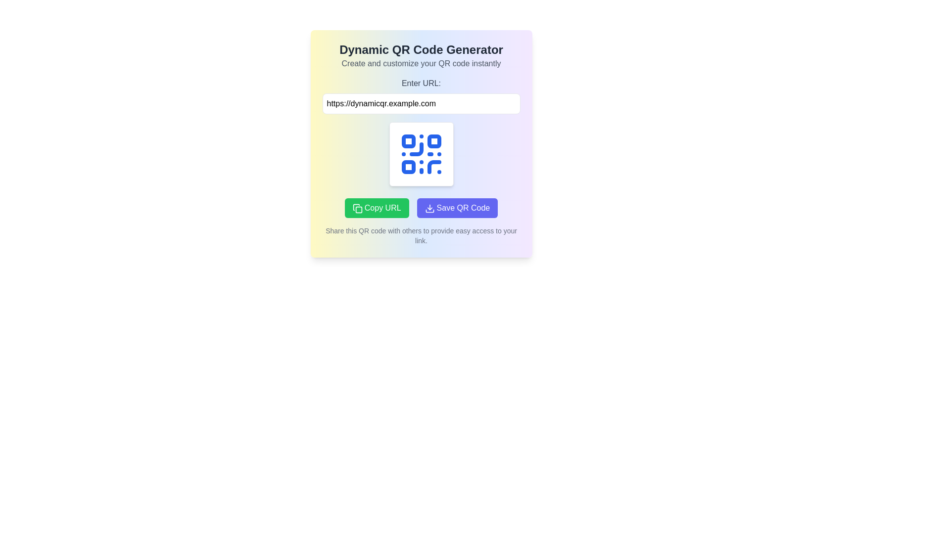 The image size is (950, 534). I want to click on the small blue square with rounded corners located at the top-left position of the QR code structure, so click(408, 141).